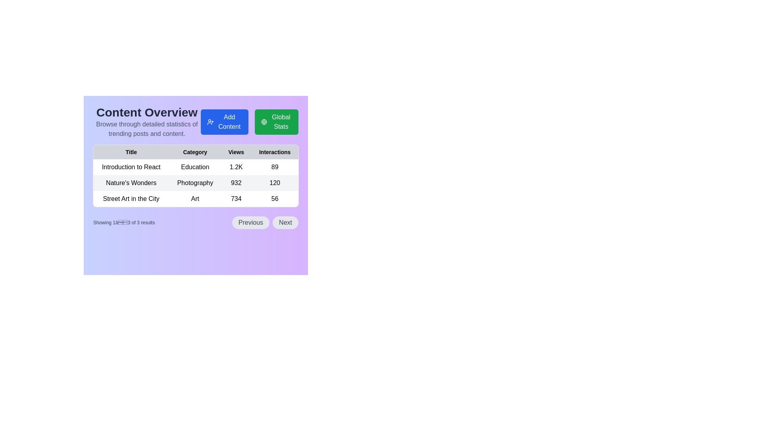  I want to click on the 'Next' button with rounded corners and a light gray background, so click(285, 223).